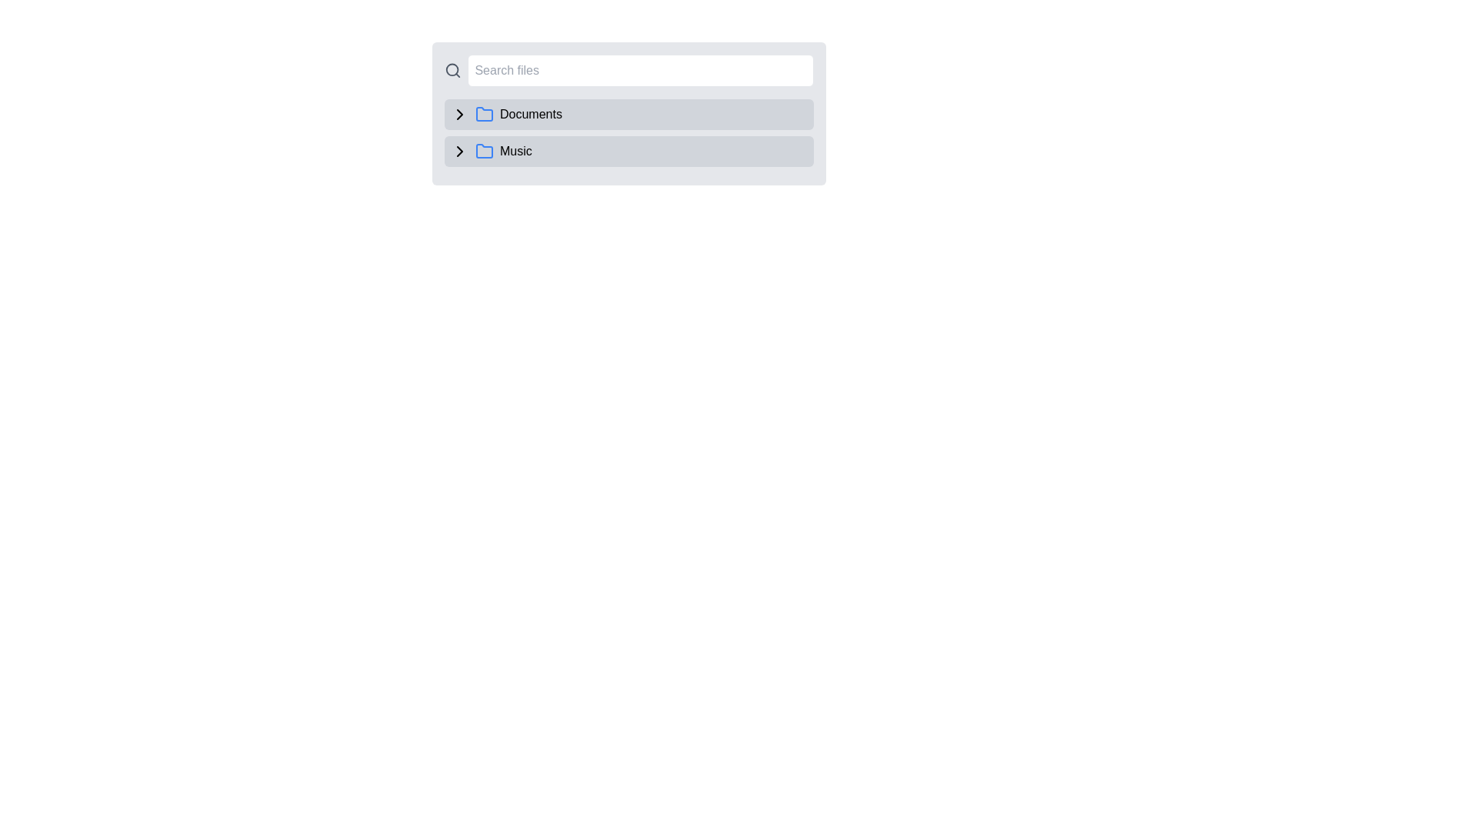 This screenshot has width=1477, height=831. What do you see at coordinates (459, 151) in the screenshot?
I see `the chevron-shaped icon pointing to the right, located to the left of the 'Music' label` at bounding box center [459, 151].